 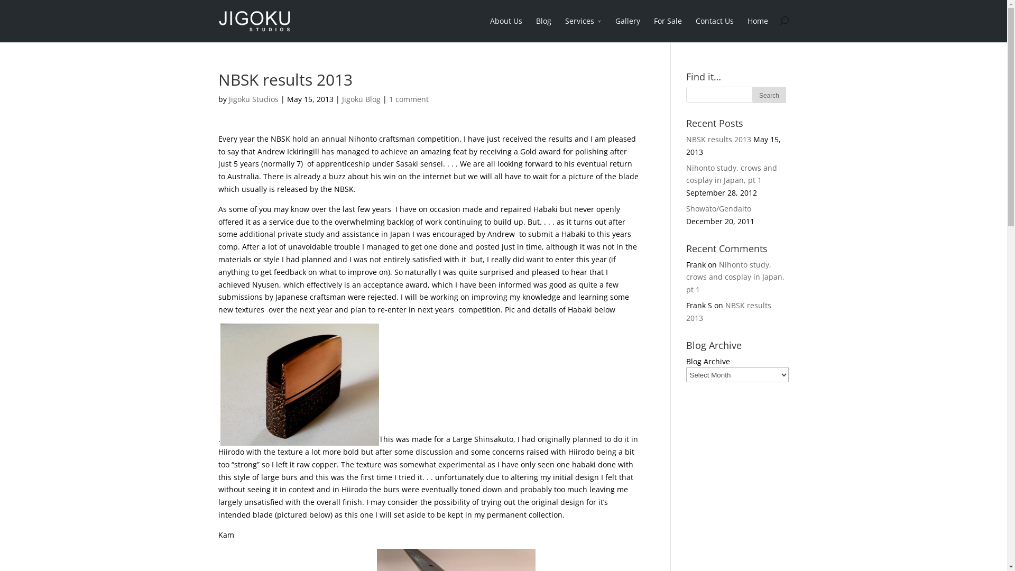 What do you see at coordinates (543, 28) in the screenshot?
I see `'Blog'` at bounding box center [543, 28].